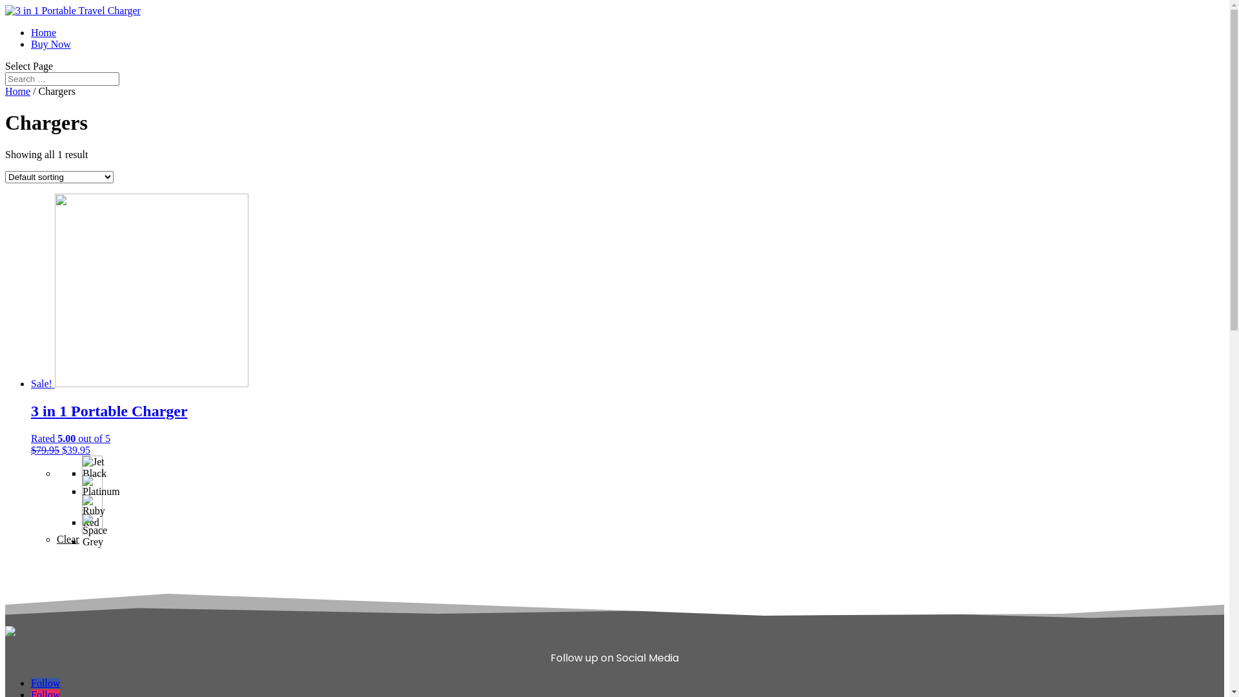 Image resolution: width=1239 pixels, height=697 pixels. What do you see at coordinates (43, 32) in the screenshot?
I see `'Home'` at bounding box center [43, 32].